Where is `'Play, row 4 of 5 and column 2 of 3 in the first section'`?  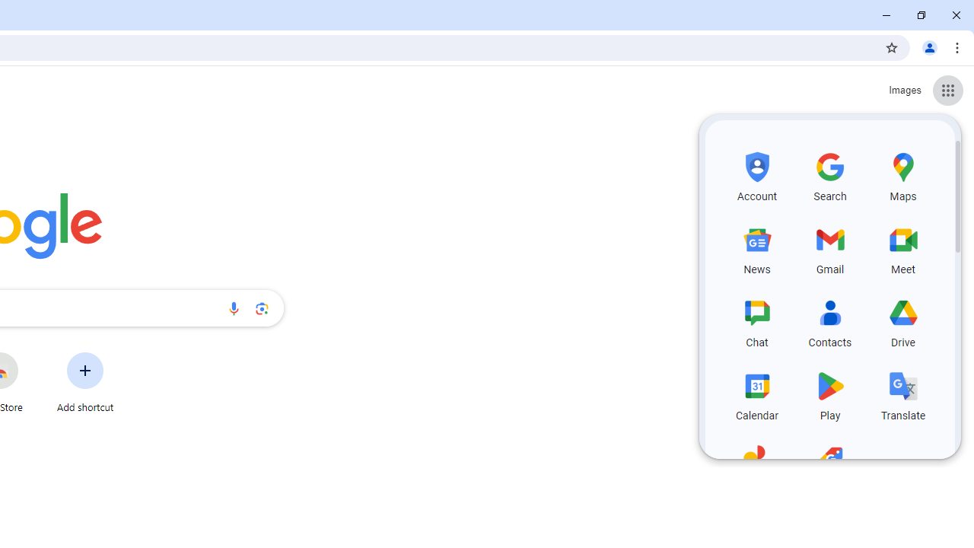
'Play, row 4 of 5 and column 2 of 3 in the first section' is located at coordinates (829, 393).